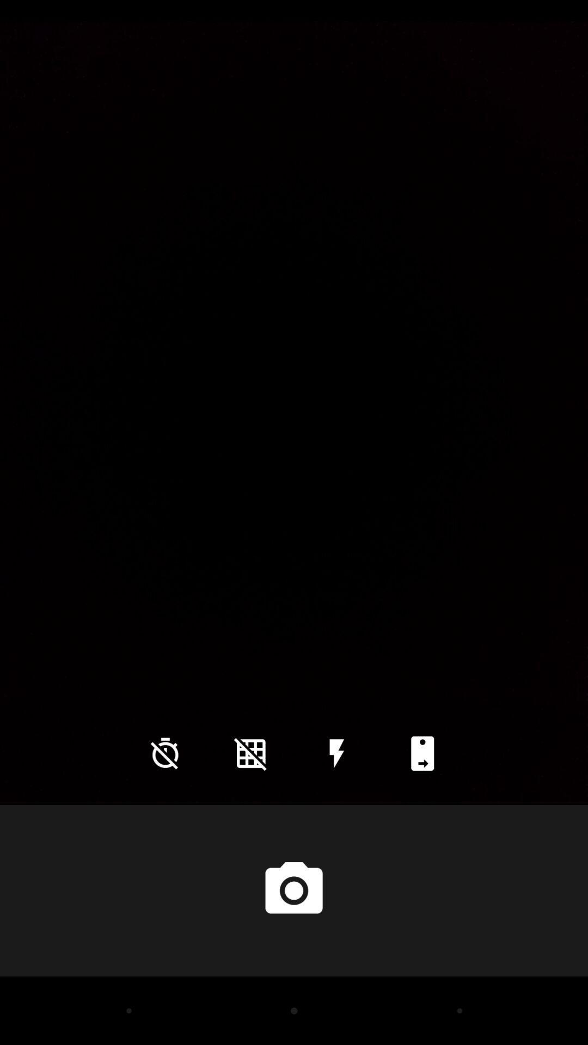 Image resolution: width=588 pixels, height=1045 pixels. Describe the element at coordinates (165, 753) in the screenshot. I see `the time icon` at that location.